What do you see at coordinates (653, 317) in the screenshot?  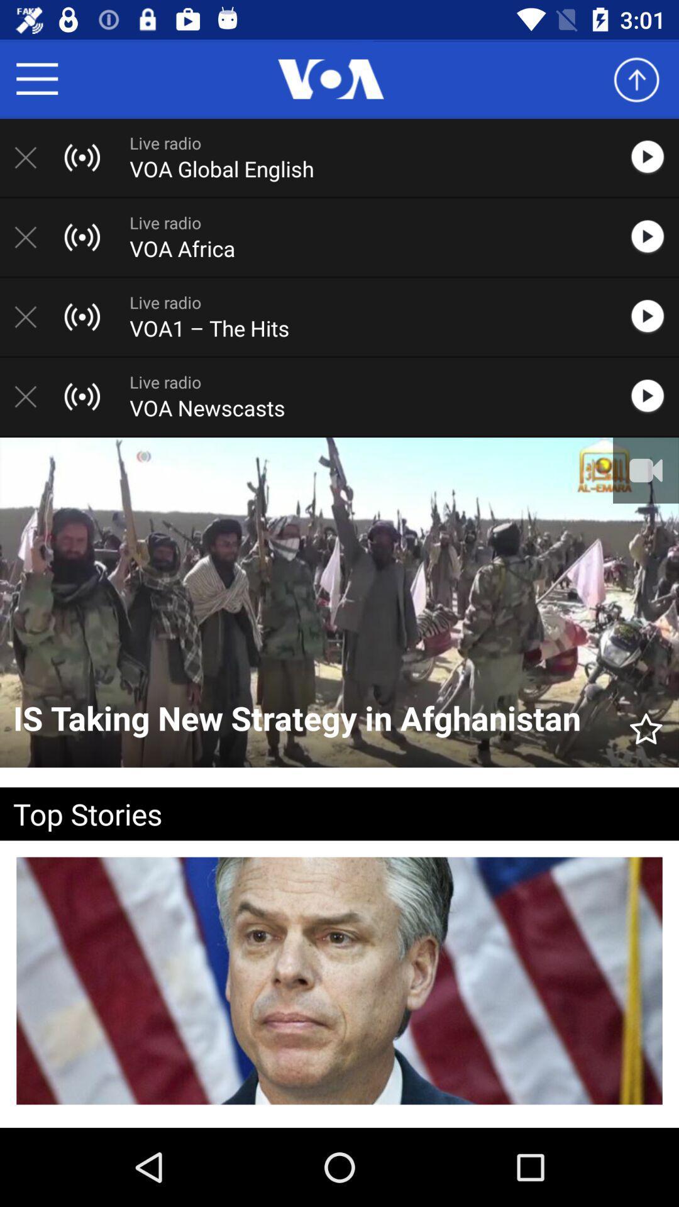 I see `video` at bounding box center [653, 317].